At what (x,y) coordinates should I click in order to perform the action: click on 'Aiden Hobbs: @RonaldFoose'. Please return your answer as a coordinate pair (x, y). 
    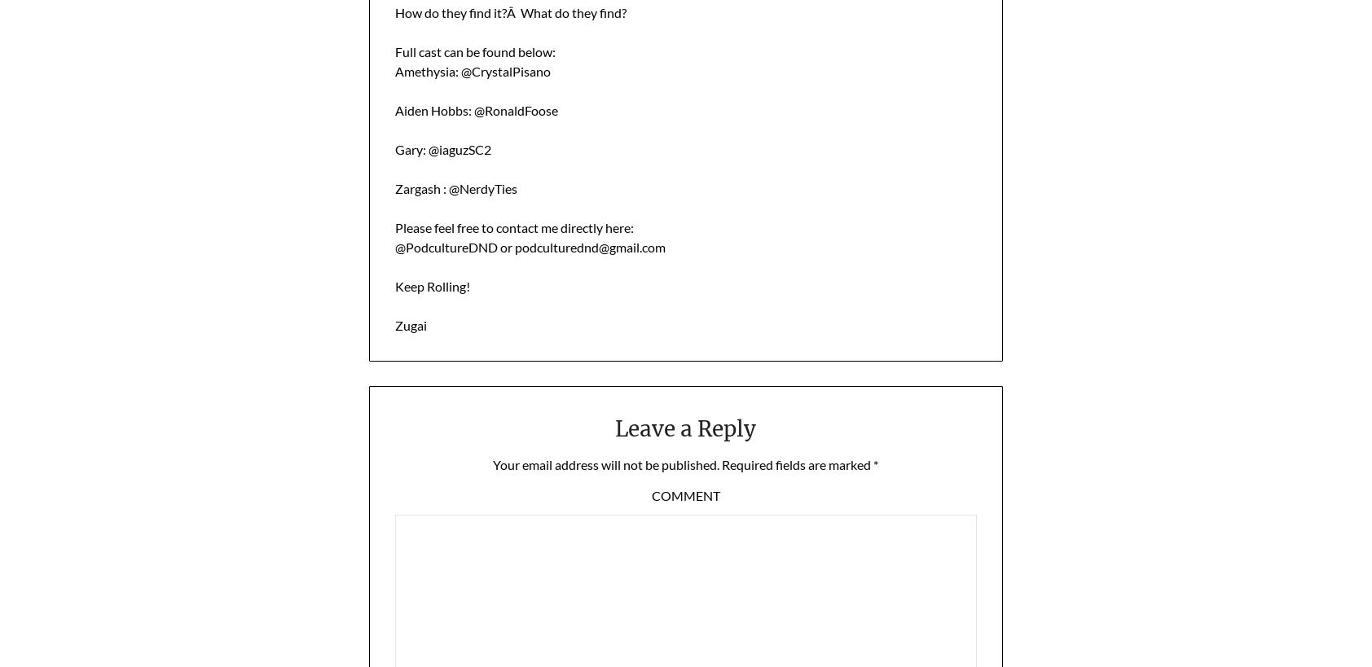
    Looking at the image, I should click on (475, 108).